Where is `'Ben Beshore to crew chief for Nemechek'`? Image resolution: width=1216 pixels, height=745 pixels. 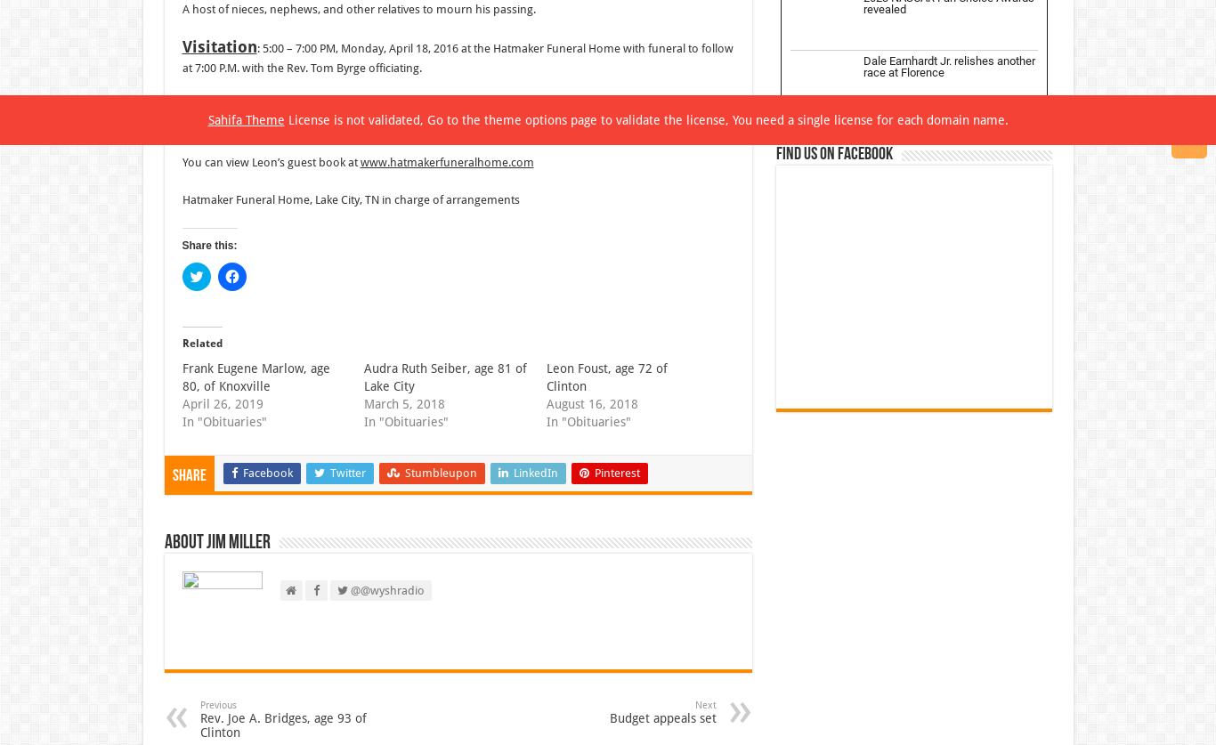
'Ben Beshore to crew chief for Nemechek' is located at coordinates (936, 634).